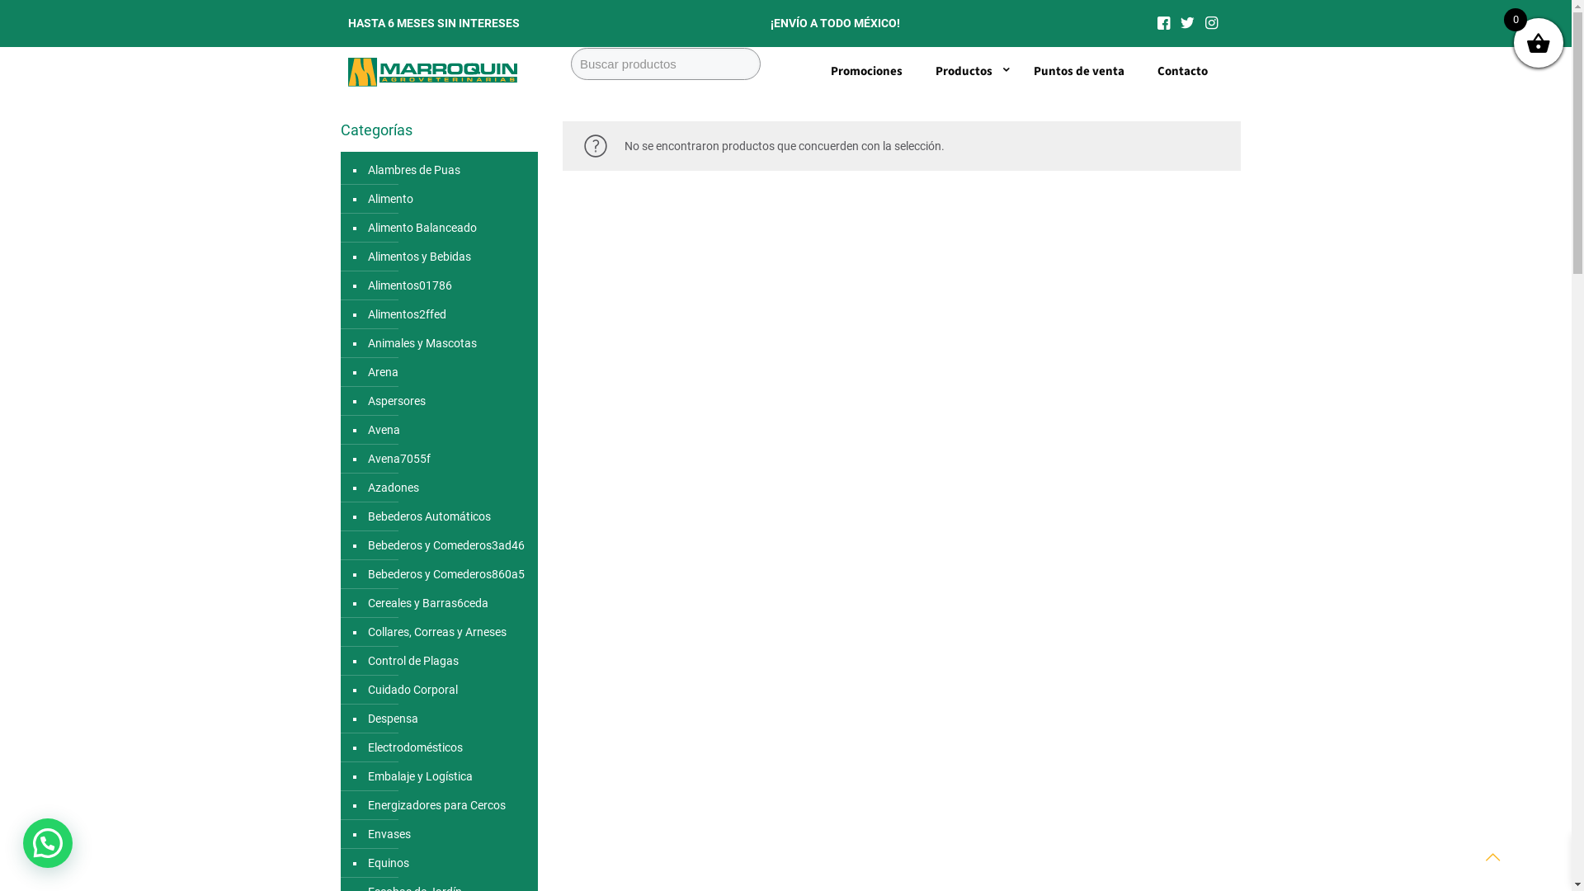 The height and width of the screenshot is (891, 1584). I want to click on 'Animales y Mascotas', so click(363, 342).